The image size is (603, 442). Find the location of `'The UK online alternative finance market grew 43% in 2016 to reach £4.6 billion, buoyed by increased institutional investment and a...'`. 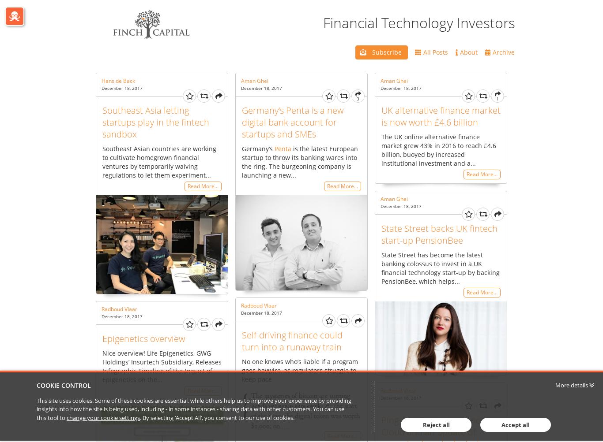

'The UK online alternative finance market grew 43% in 2016 to reach £4.6 billion, buoyed by increased institutional investment and a...' is located at coordinates (439, 149).